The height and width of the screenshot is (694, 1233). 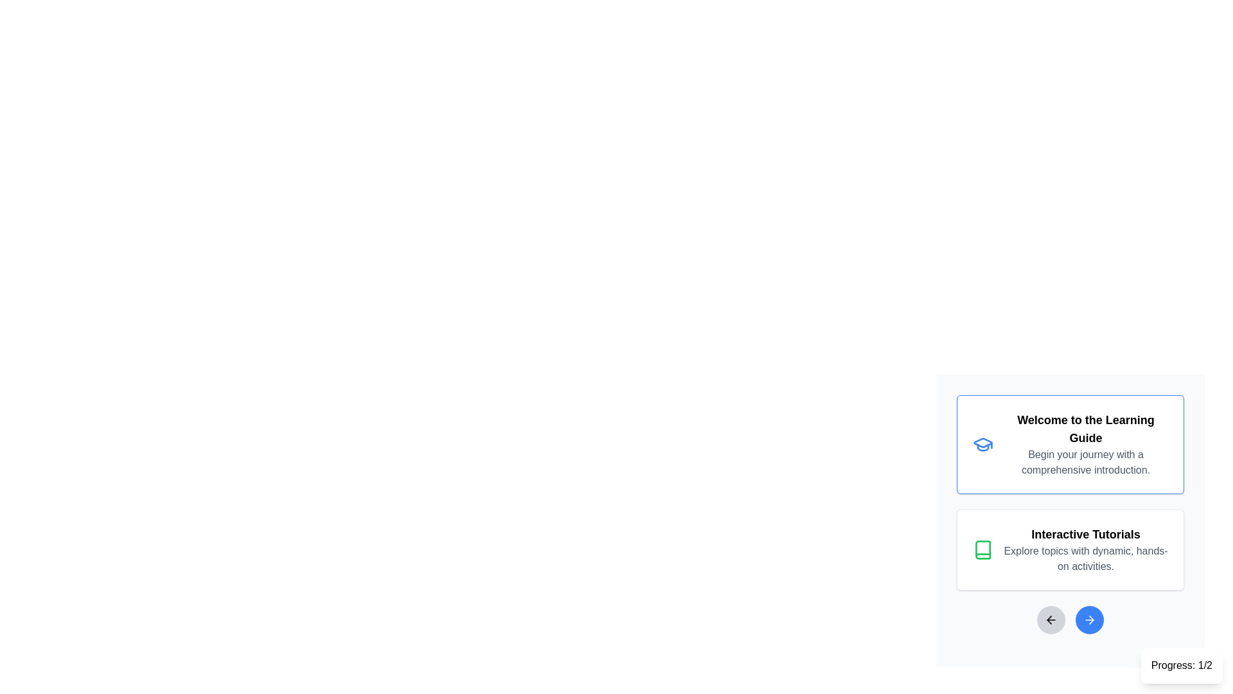 What do you see at coordinates (1085, 558) in the screenshot?
I see `descriptive text of the Text Label located below the title 'Interactive Tutorials' in the card-like layout` at bounding box center [1085, 558].